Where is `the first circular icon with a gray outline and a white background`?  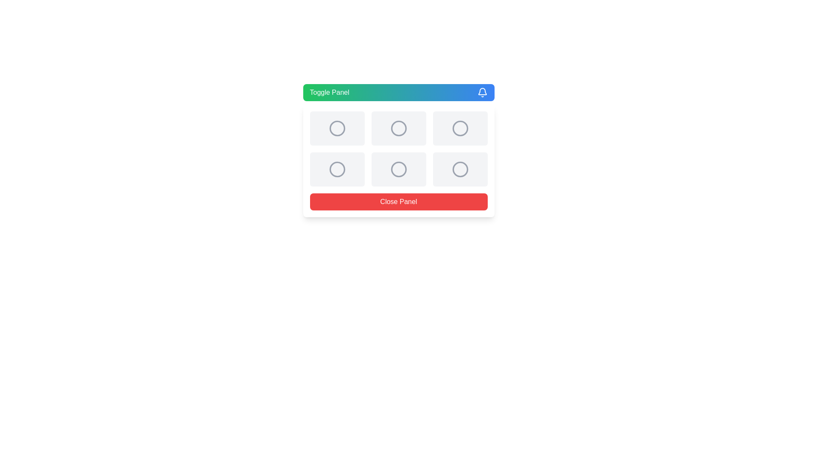 the first circular icon with a gray outline and a white background is located at coordinates (337, 128).